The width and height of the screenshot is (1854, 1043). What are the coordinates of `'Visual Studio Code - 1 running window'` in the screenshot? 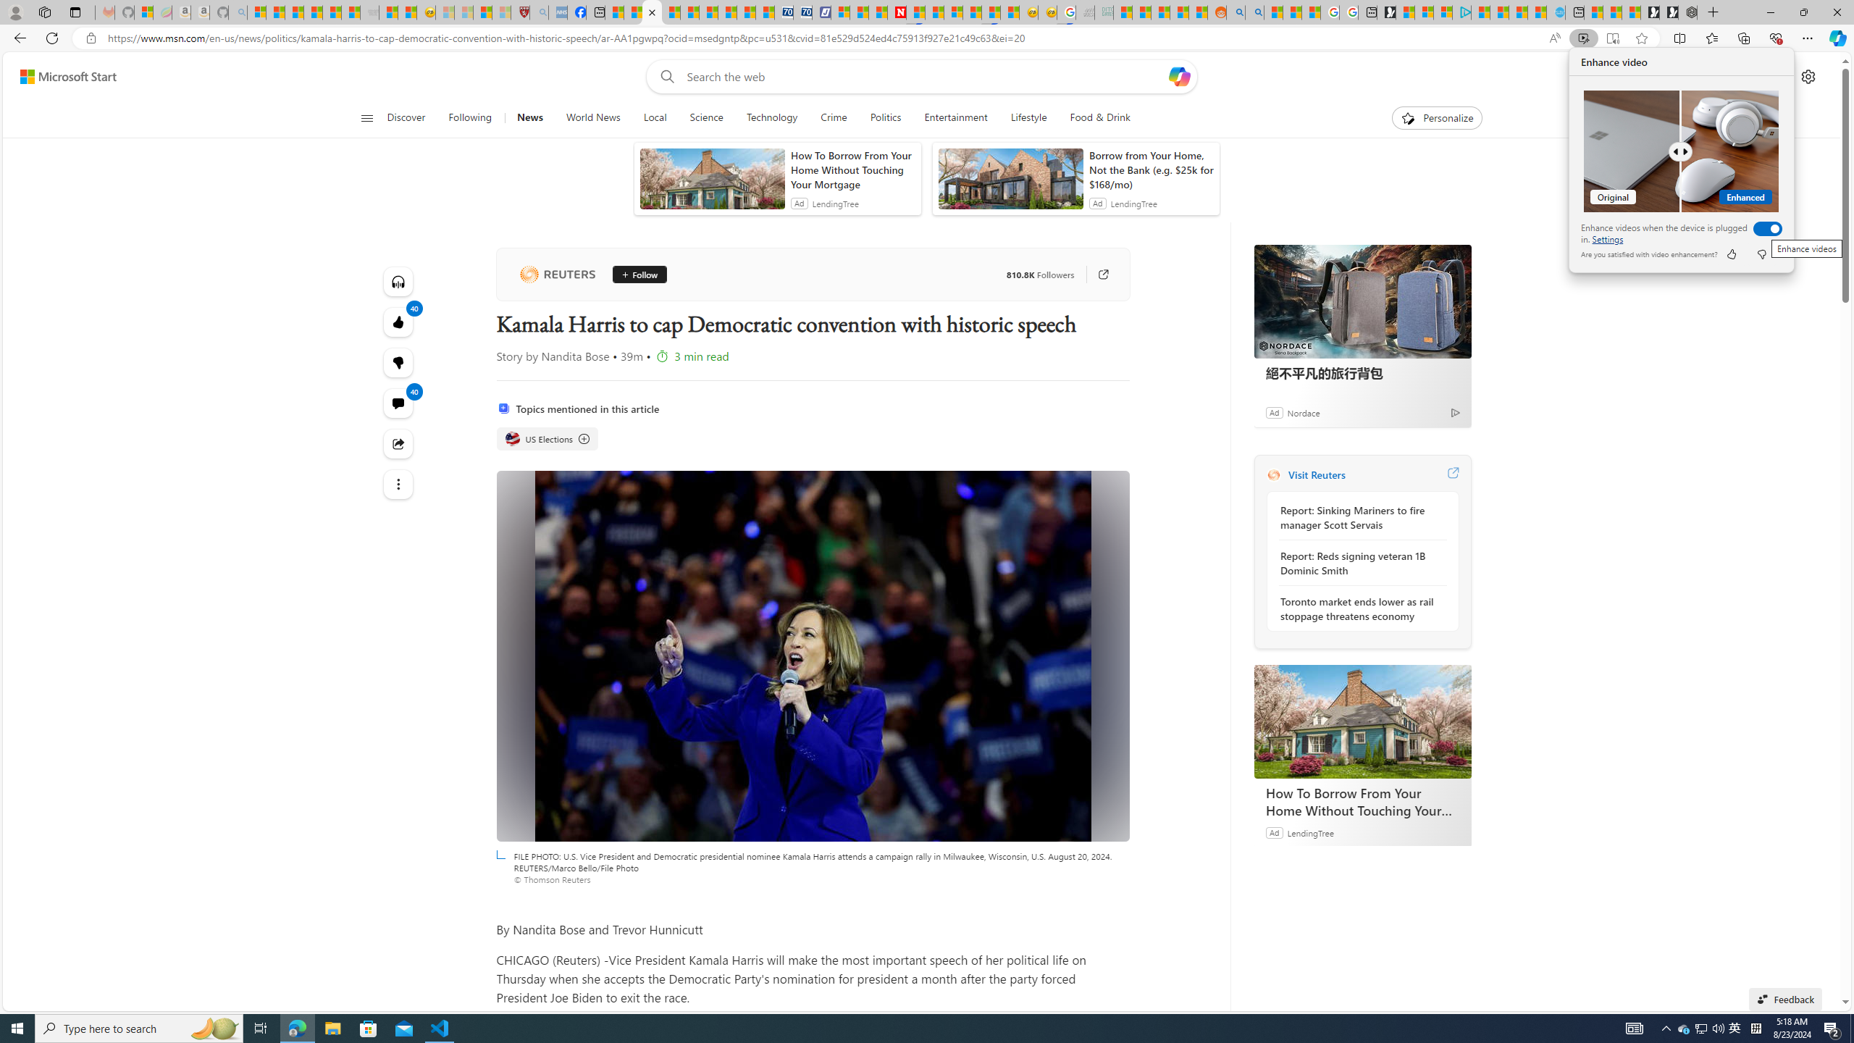 It's located at (440, 1027).